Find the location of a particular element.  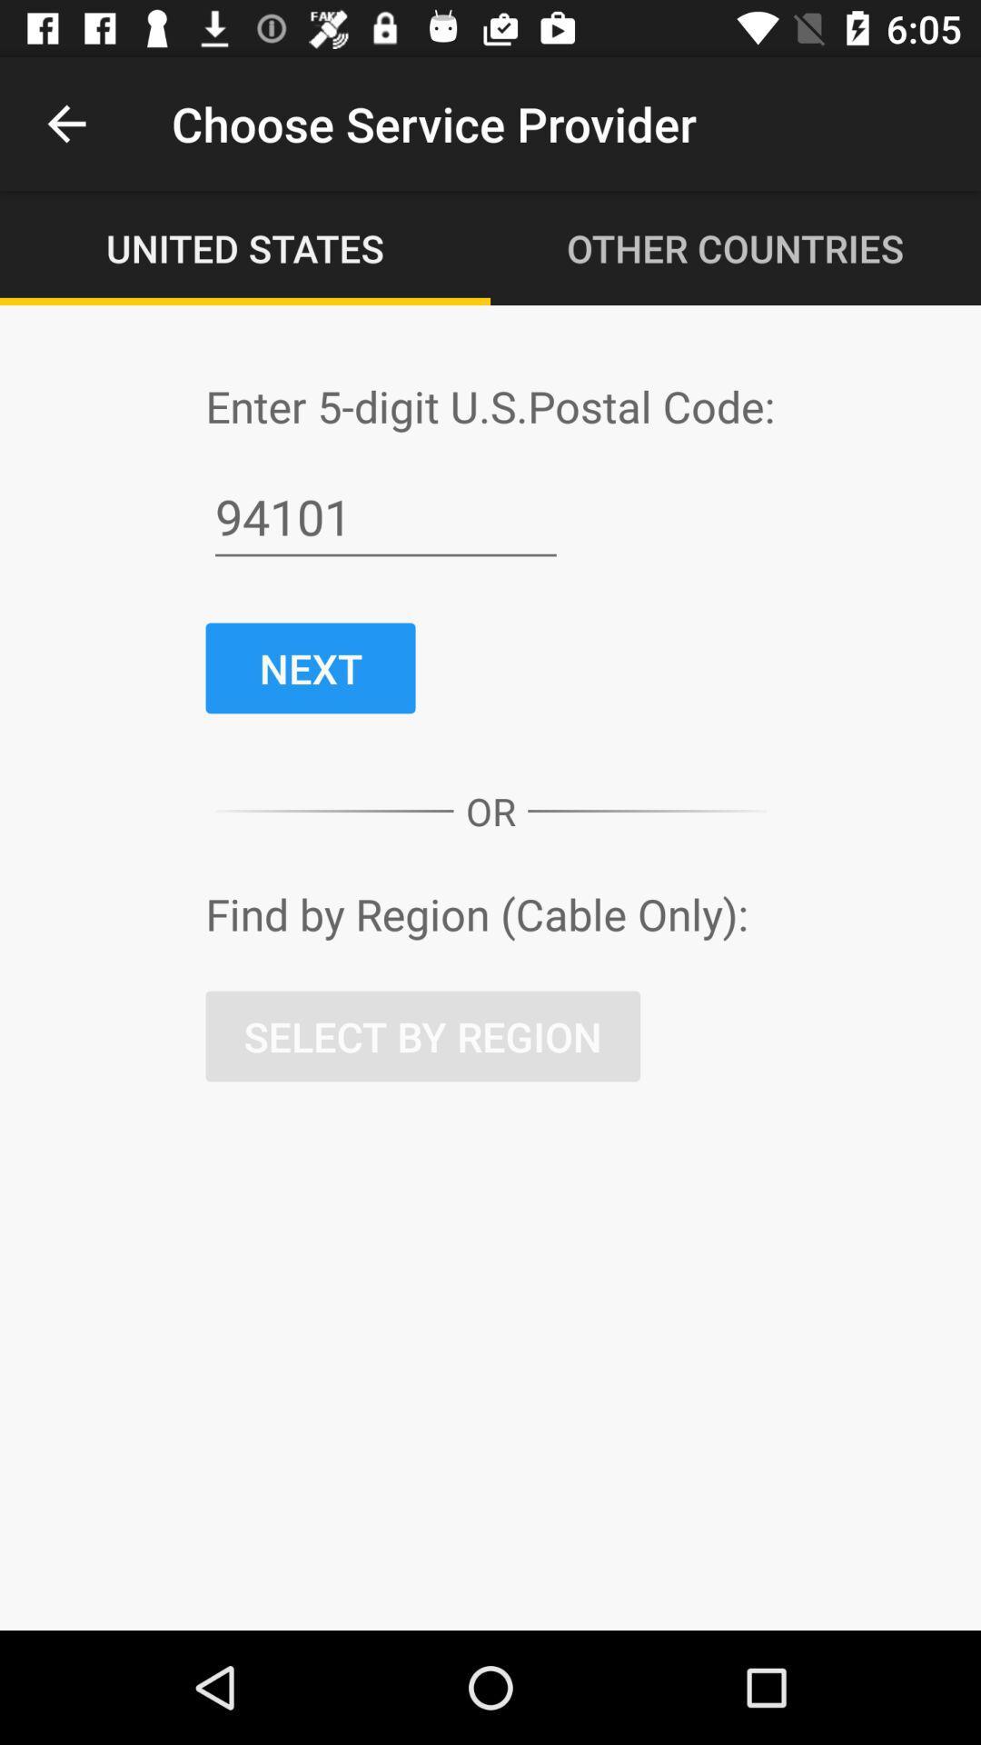

the button below rind by regioncable only is located at coordinates (423, 1036).